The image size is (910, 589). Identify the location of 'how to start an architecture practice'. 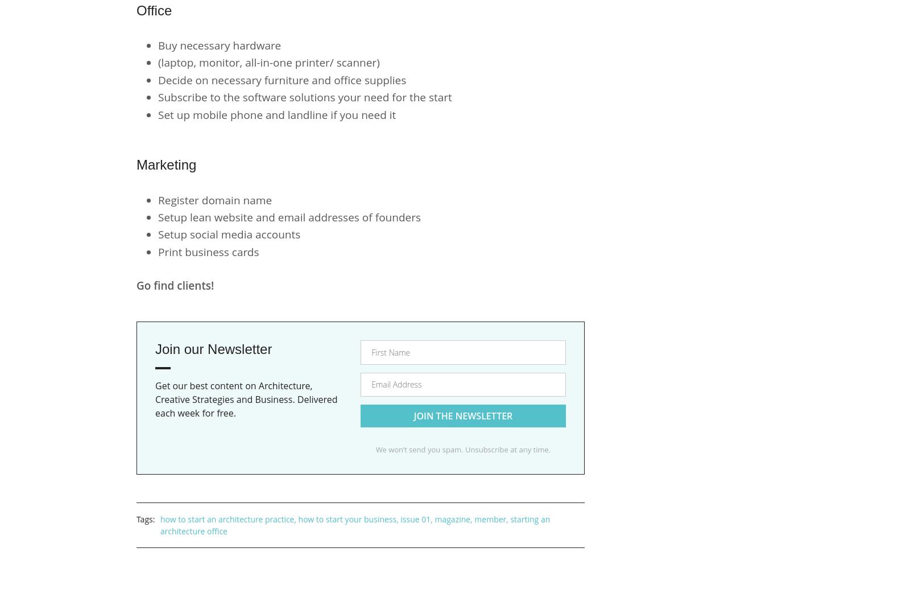
(227, 518).